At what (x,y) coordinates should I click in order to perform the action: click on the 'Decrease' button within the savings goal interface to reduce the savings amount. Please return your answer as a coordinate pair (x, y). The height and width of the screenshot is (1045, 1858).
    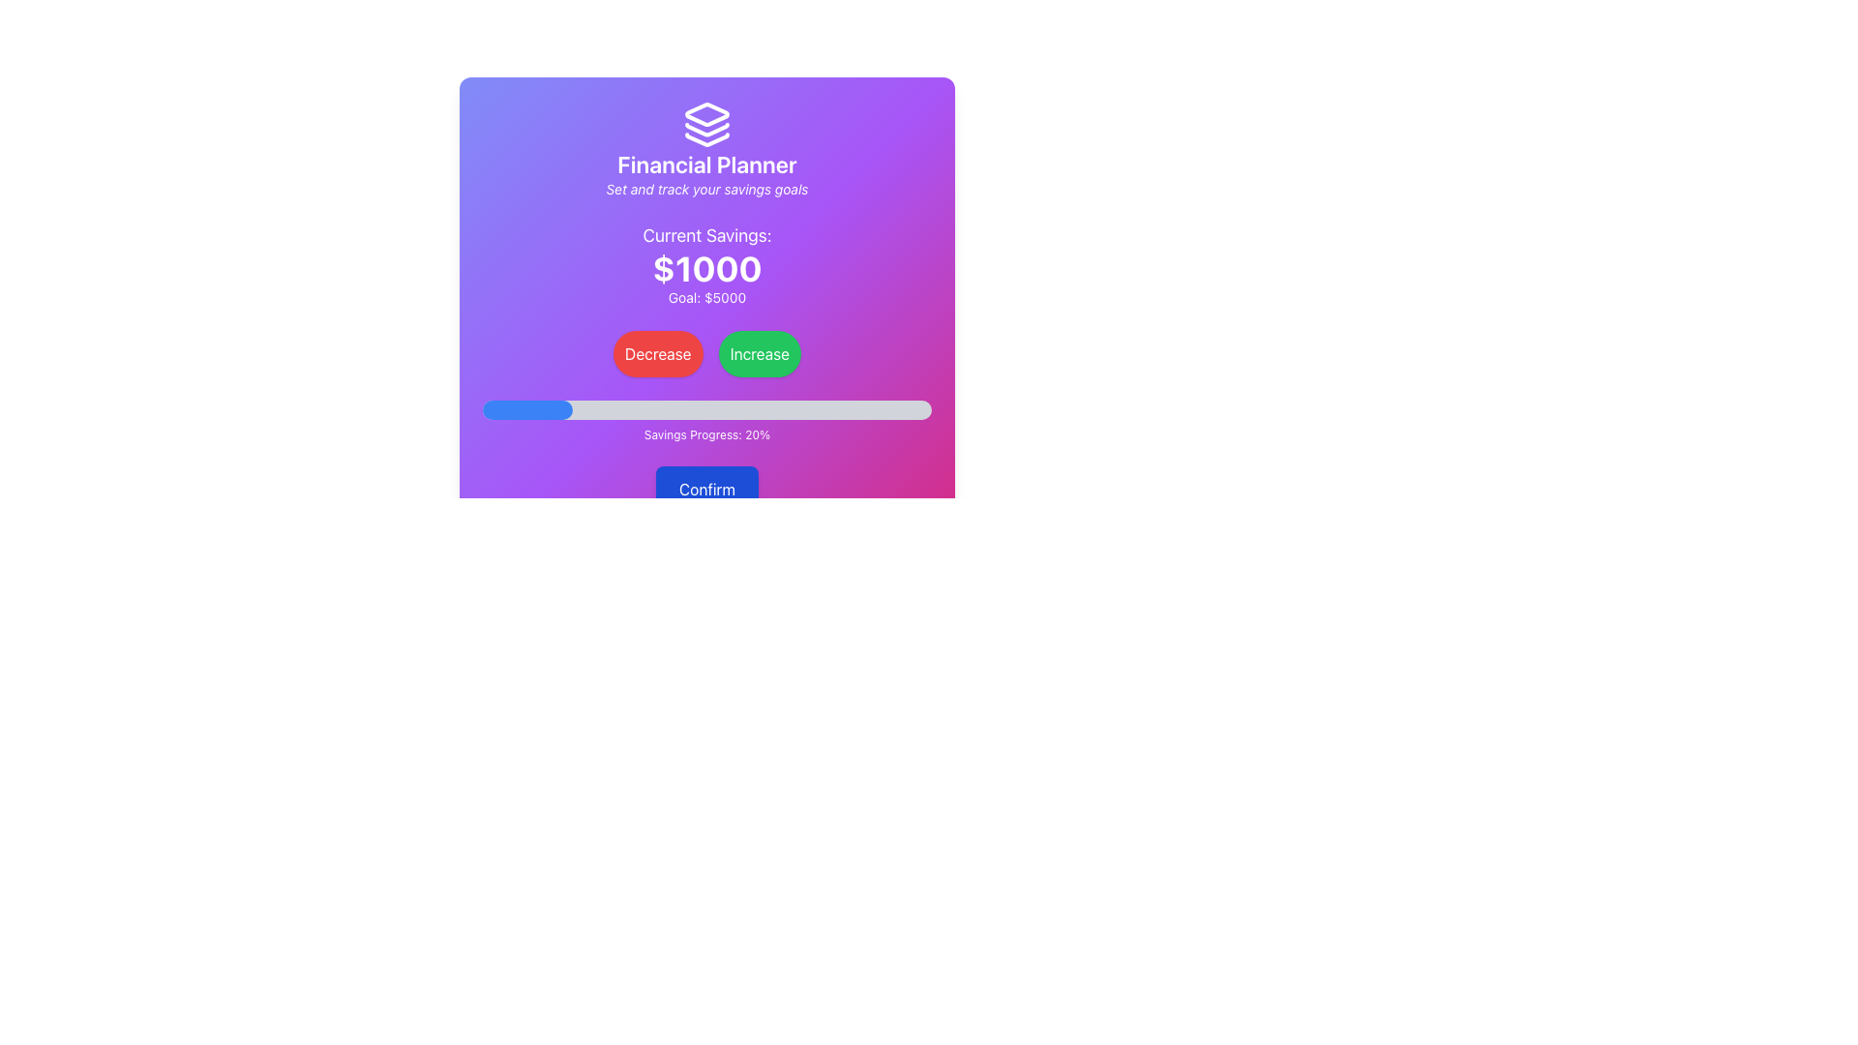
    Looking at the image, I should click on (705, 328).